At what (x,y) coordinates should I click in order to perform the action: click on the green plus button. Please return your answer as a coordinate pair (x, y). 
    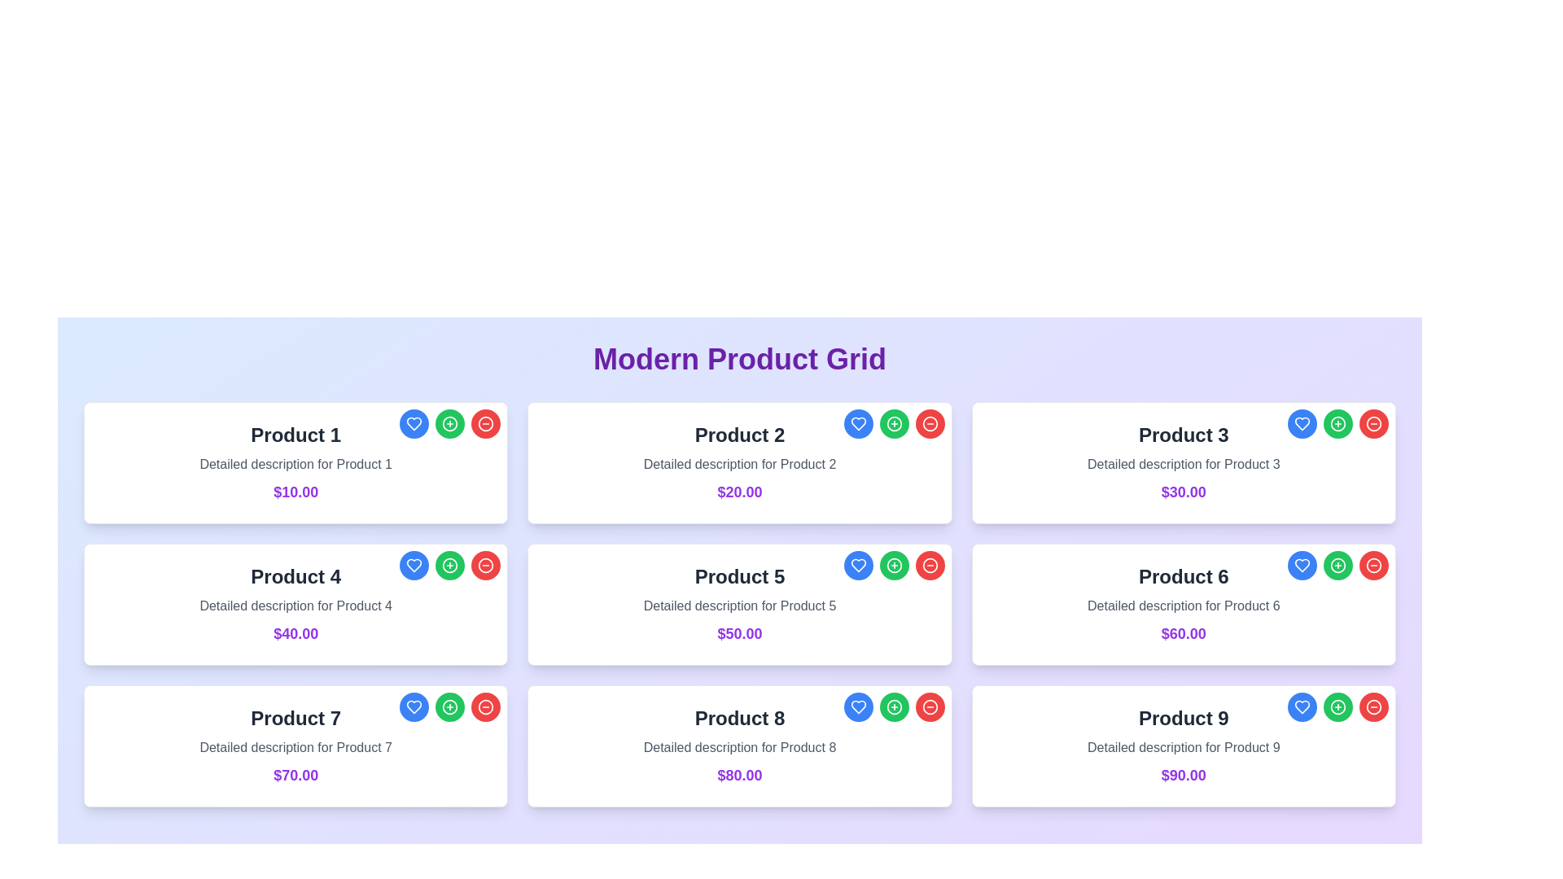
    Looking at the image, I should click on (450, 706).